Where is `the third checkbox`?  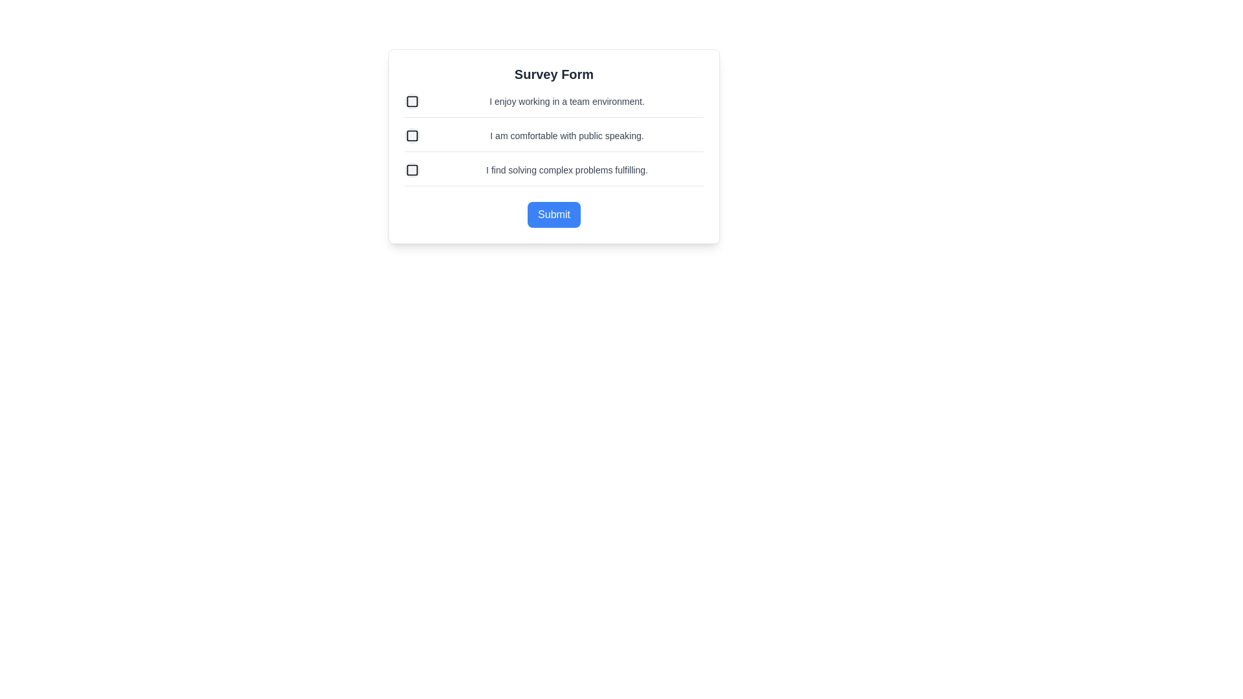
the third checkbox is located at coordinates (412, 169).